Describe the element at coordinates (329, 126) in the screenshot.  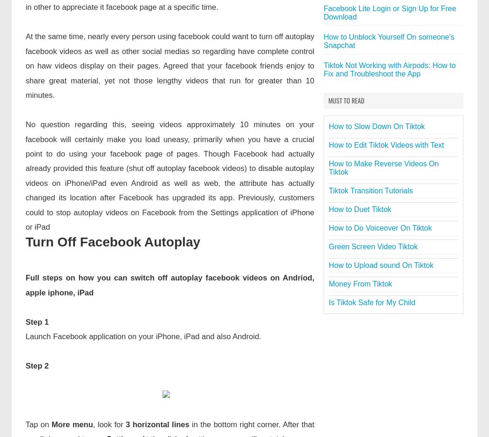
I see `'How to Slow Down On Tiktok'` at that location.